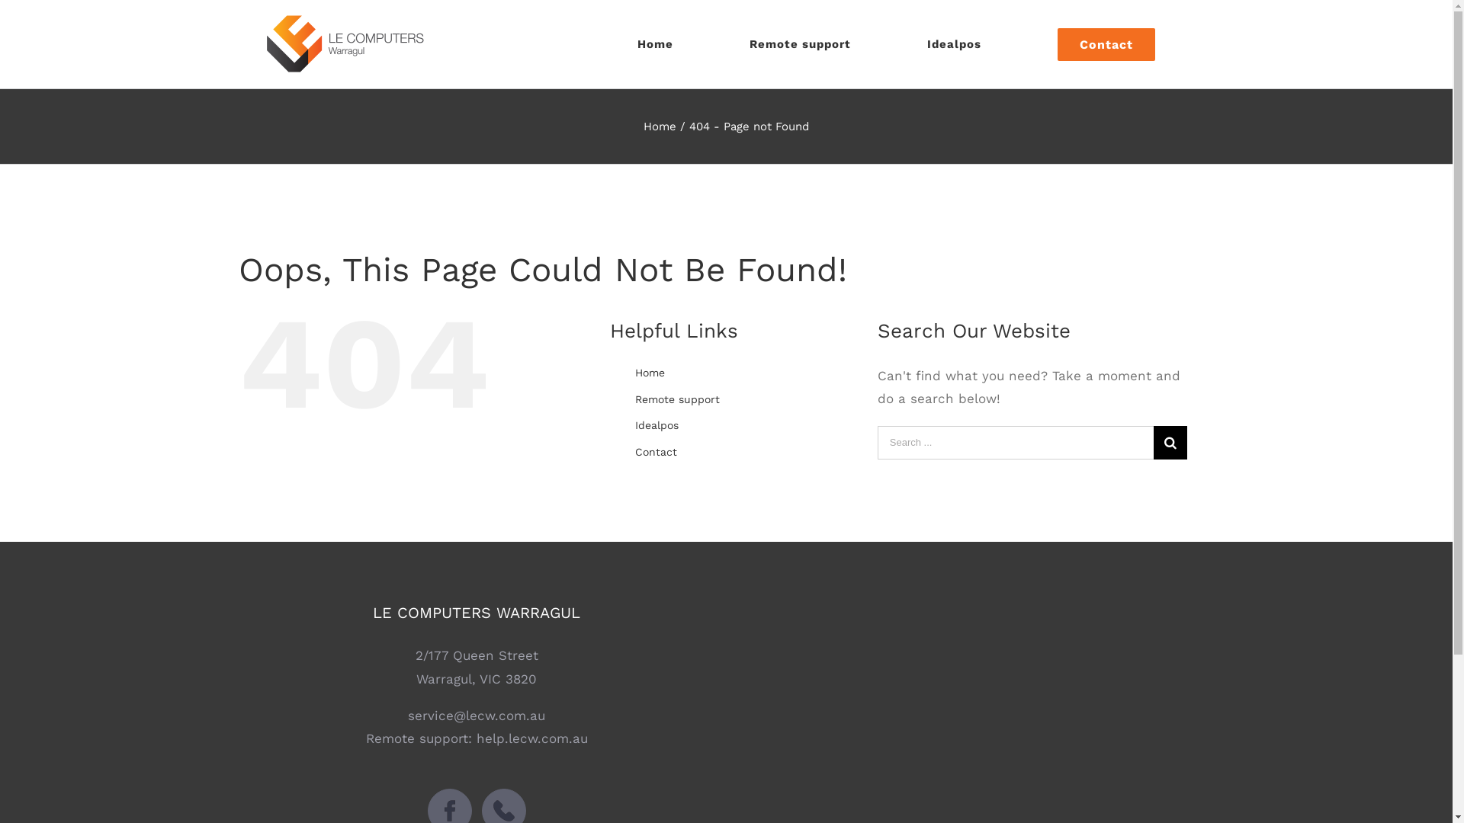 This screenshot has height=823, width=1464. Describe the element at coordinates (953, 43) in the screenshot. I see `'Idealpos'` at that location.